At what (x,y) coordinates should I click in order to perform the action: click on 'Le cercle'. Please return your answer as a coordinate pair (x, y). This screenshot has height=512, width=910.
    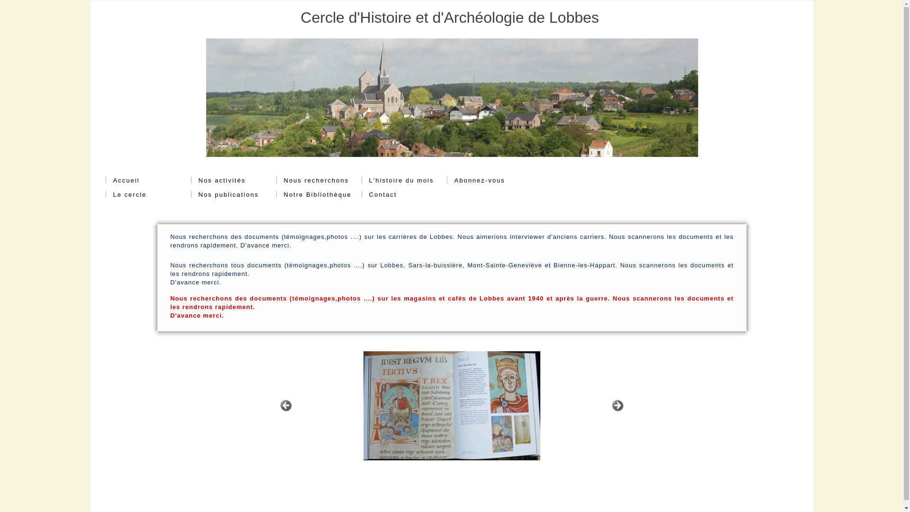
    Looking at the image, I should click on (125, 194).